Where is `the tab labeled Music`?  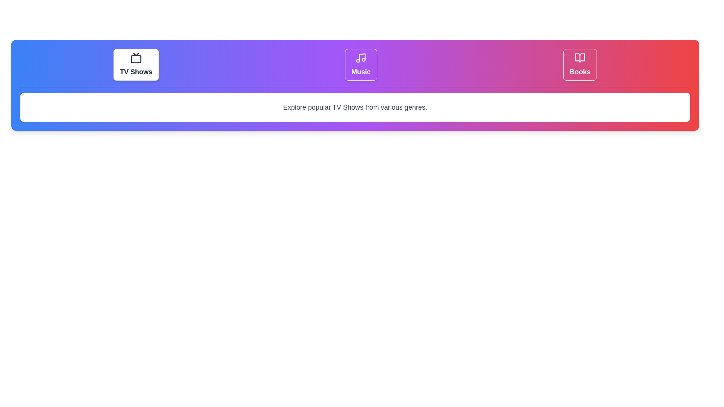 the tab labeled Music is located at coordinates (360, 64).